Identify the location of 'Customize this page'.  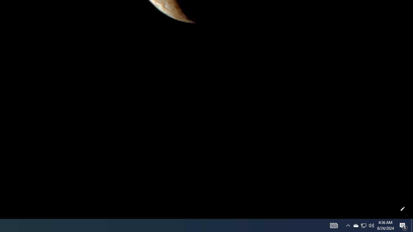
(402, 209).